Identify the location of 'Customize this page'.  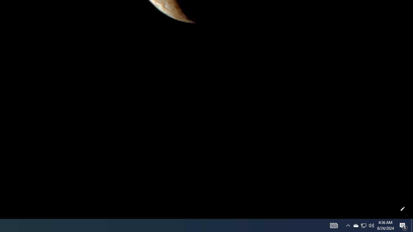
(402, 209).